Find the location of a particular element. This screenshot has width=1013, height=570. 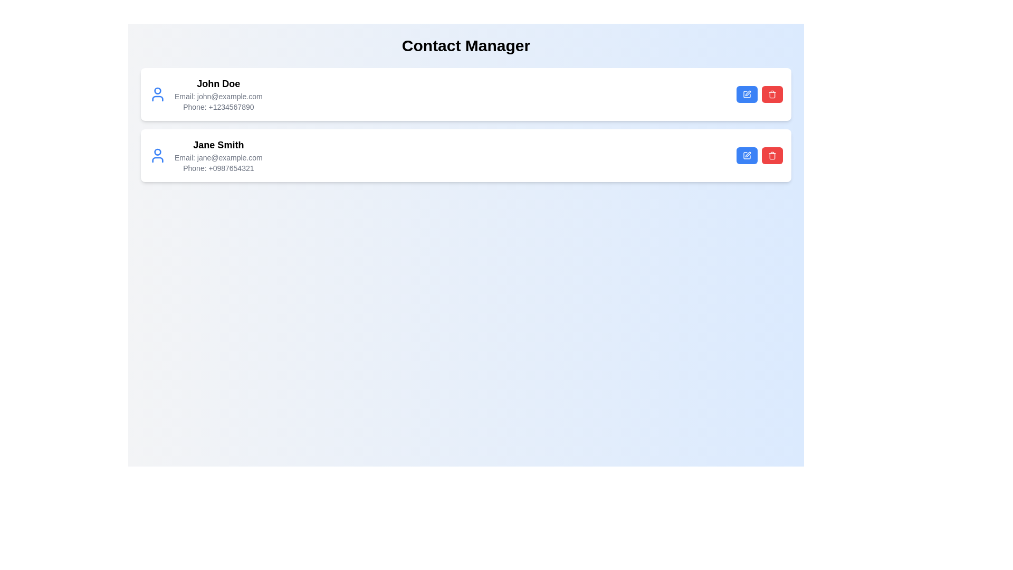

the delete button located at the top-right of Jane Smith's contact card is located at coordinates (772, 155).